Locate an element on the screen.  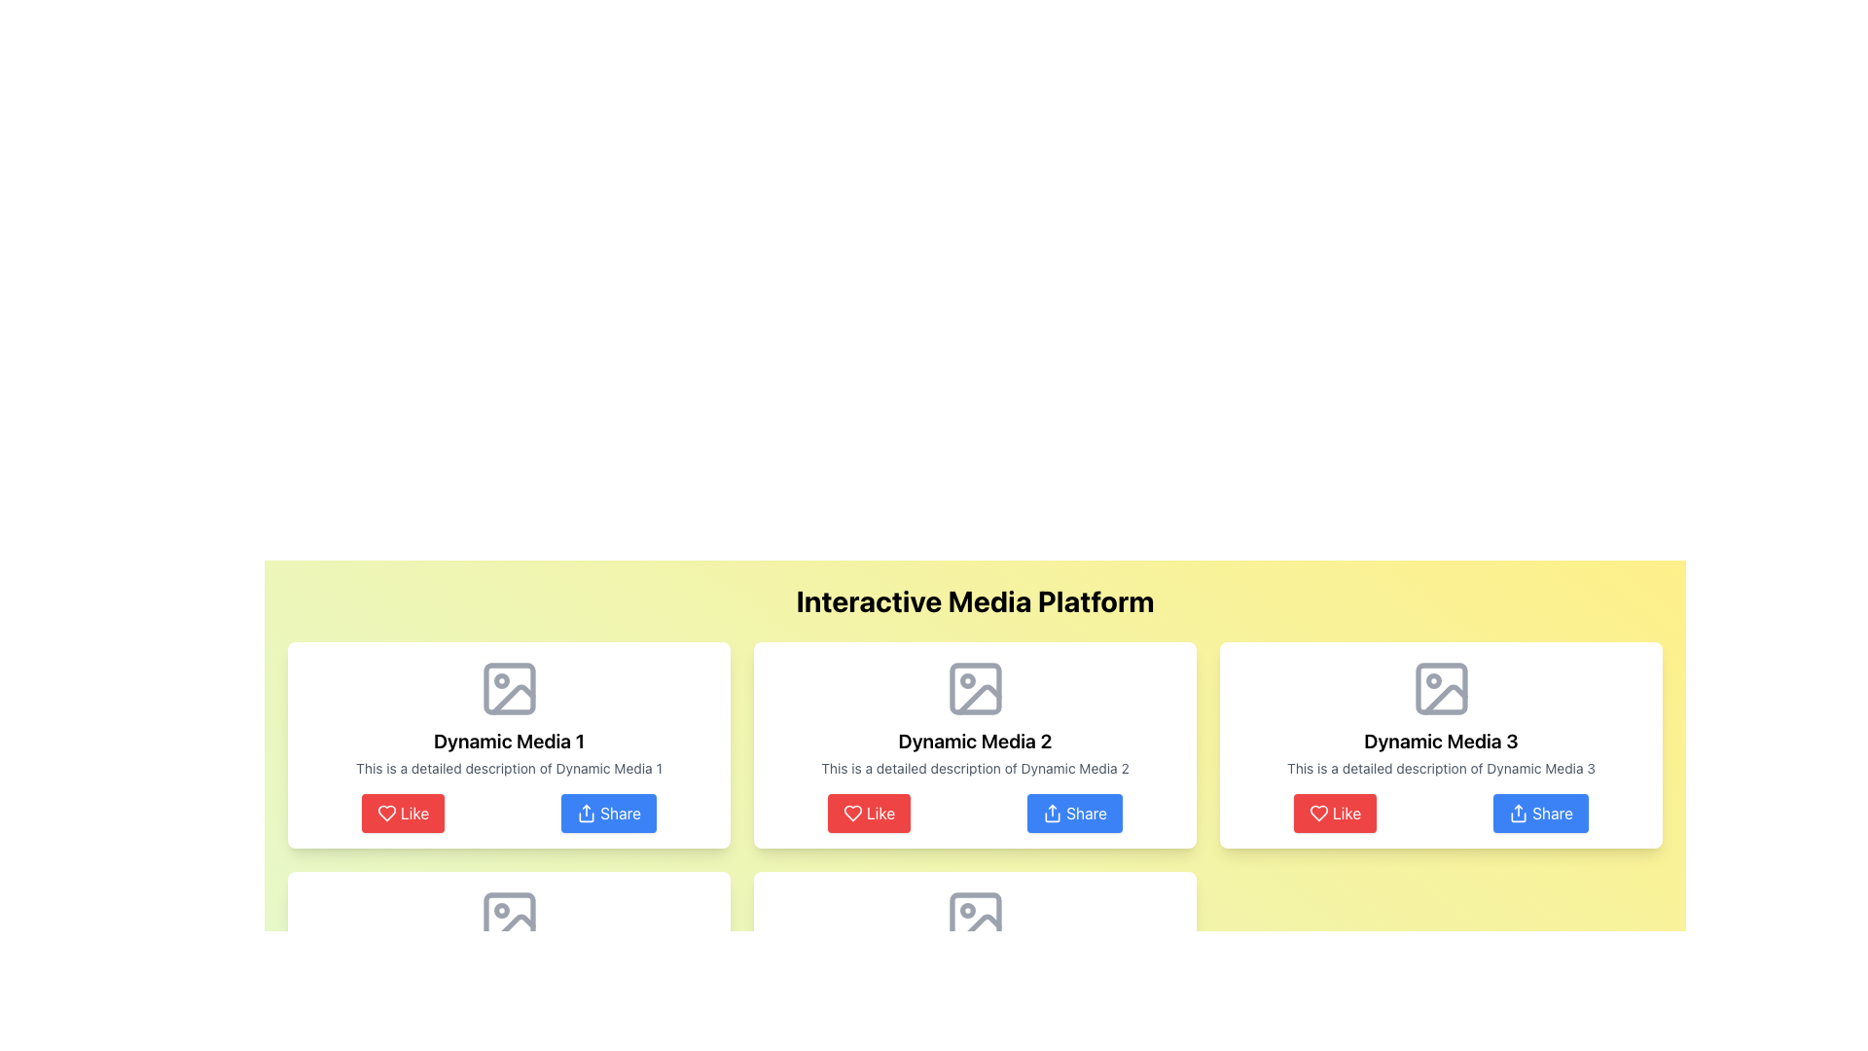
the heart icon within the 'Like' button located at the bottom-left corner of the card for 'Dynamic Media 3' to express liking the associated media is located at coordinates (1318, 814).